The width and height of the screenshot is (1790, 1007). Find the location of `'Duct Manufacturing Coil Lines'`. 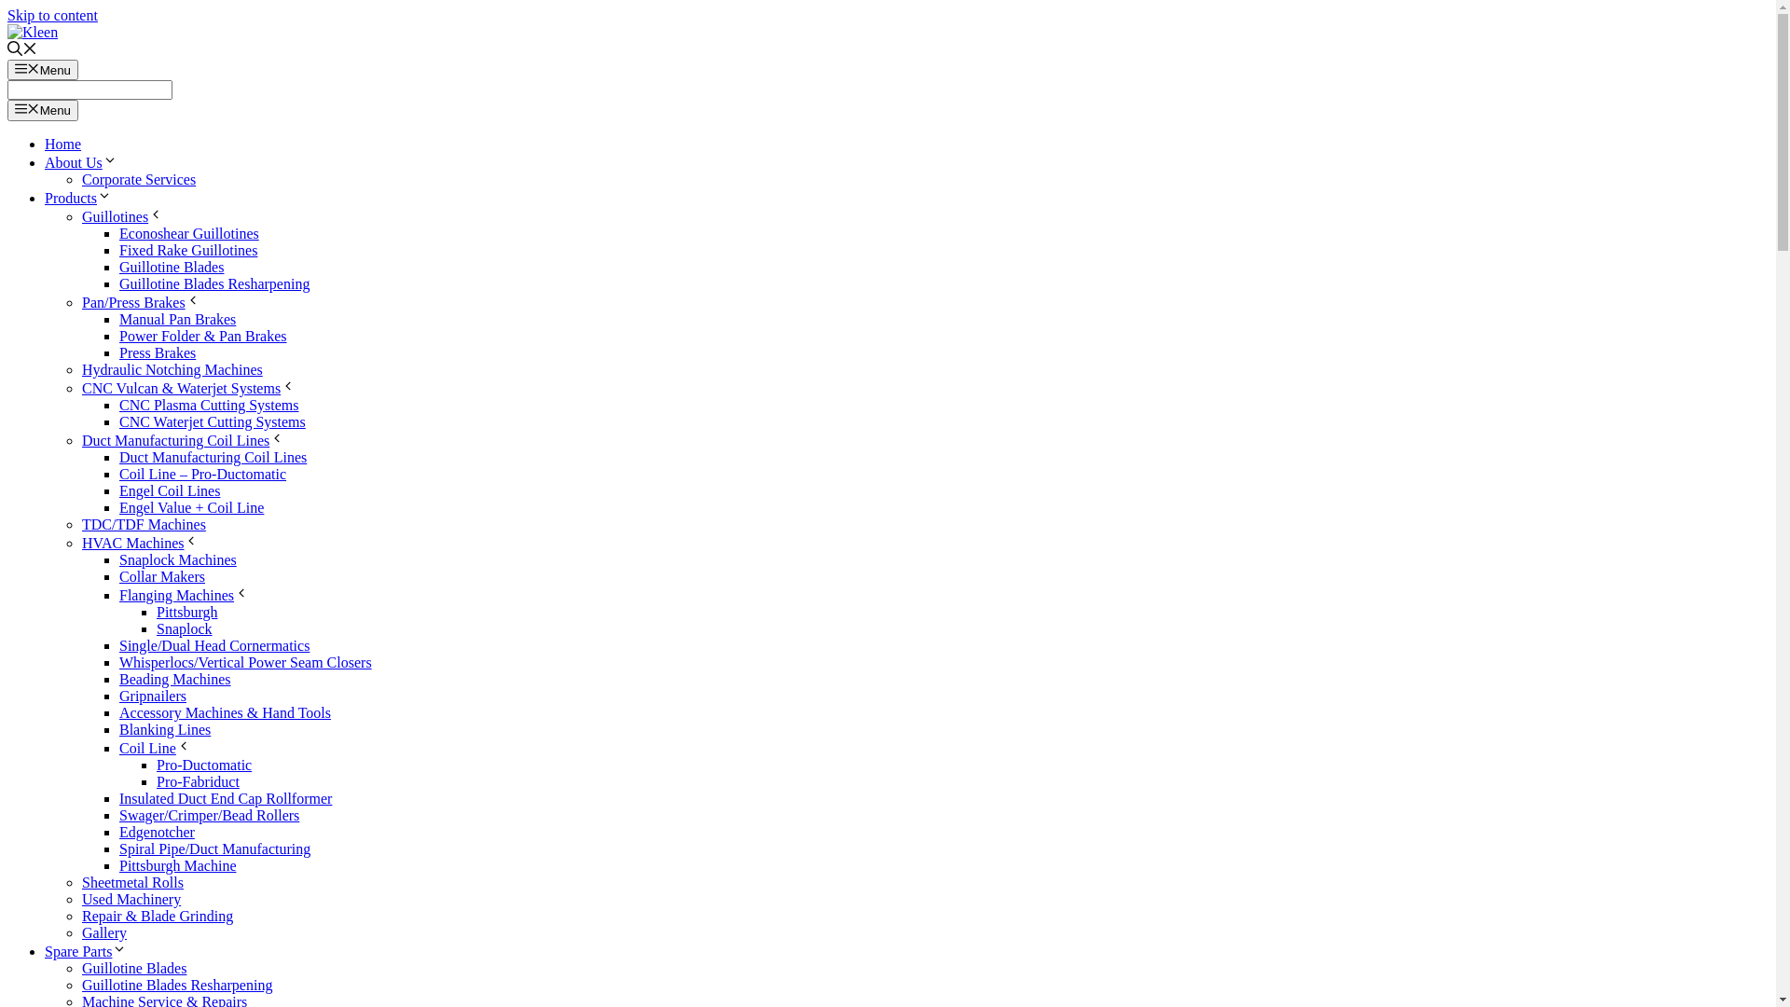

'Duct Manufacturing Coil Lines' is located at coordinates (80, 440).